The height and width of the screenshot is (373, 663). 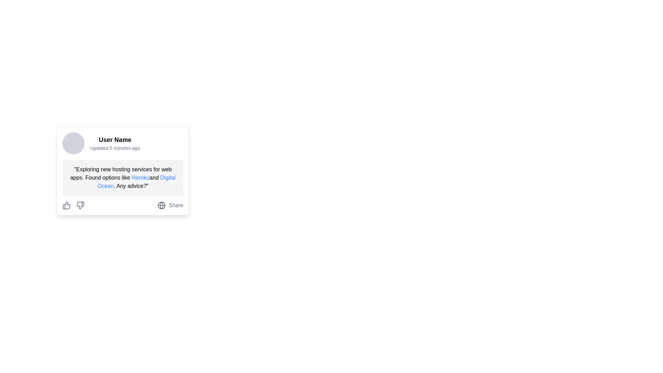 What do you see at coordinates (115, 143) in the screenshot?
I see `the user identifier and timestamp text block, which contains the bolded 'User Name' and recent activity update, located to the right of the circular avatar image in the upper portion of a card-like structure` at bounding box center [115, 143].